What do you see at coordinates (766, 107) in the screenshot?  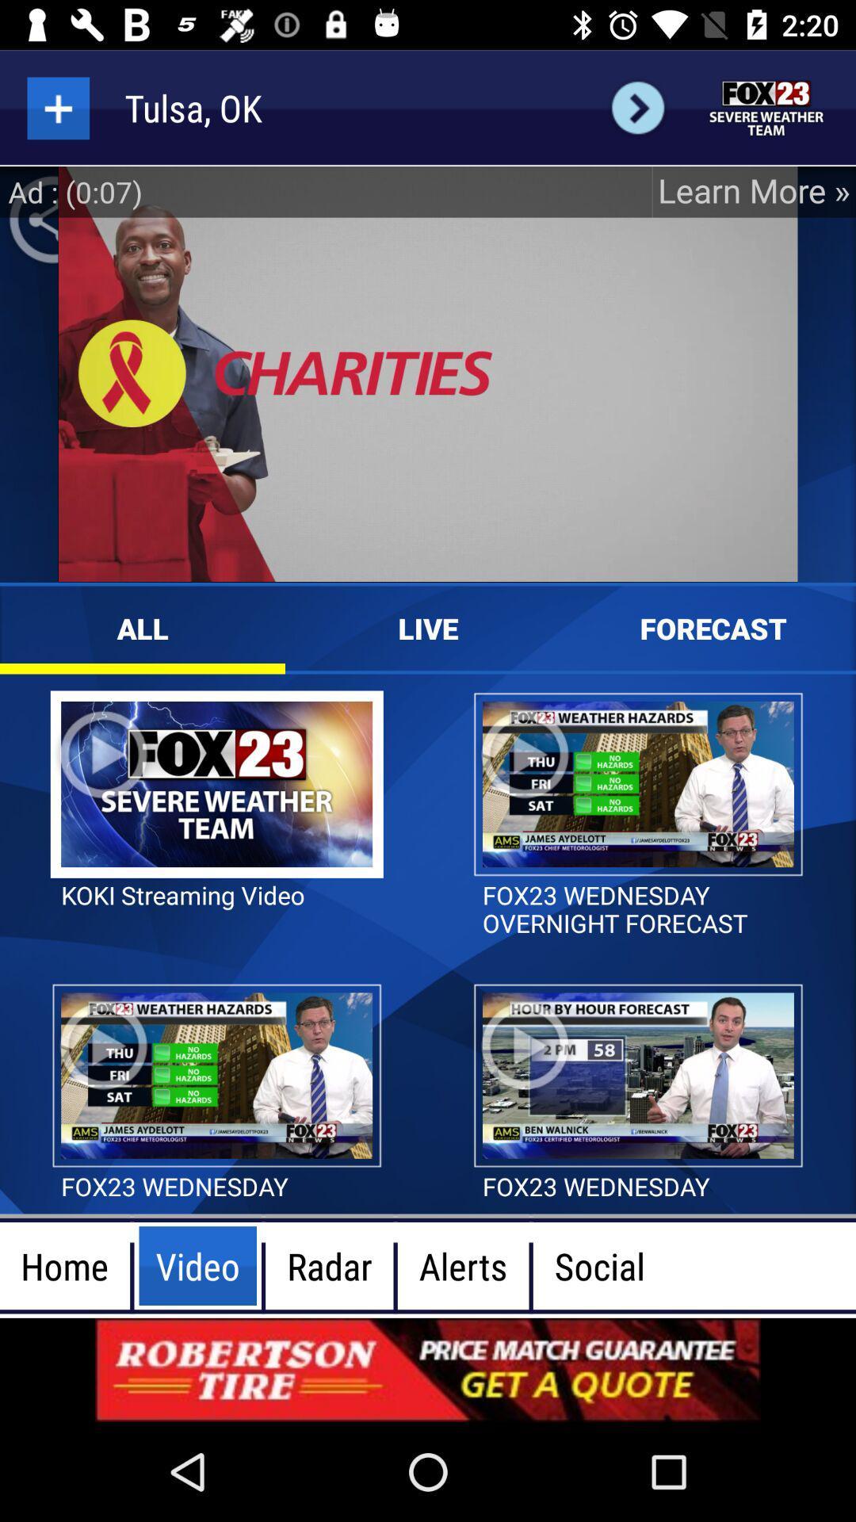 I see `advertisement` at bounding box center [766, 107].